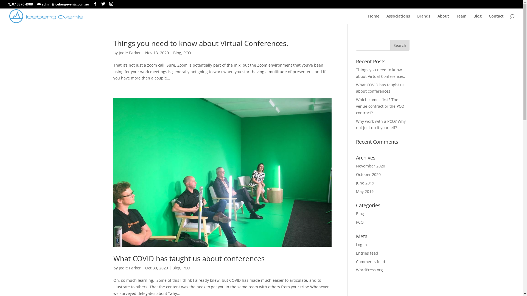  Describe the element at coordinates (177, 53) in the screenshot. I see `'Blog'` at that location.